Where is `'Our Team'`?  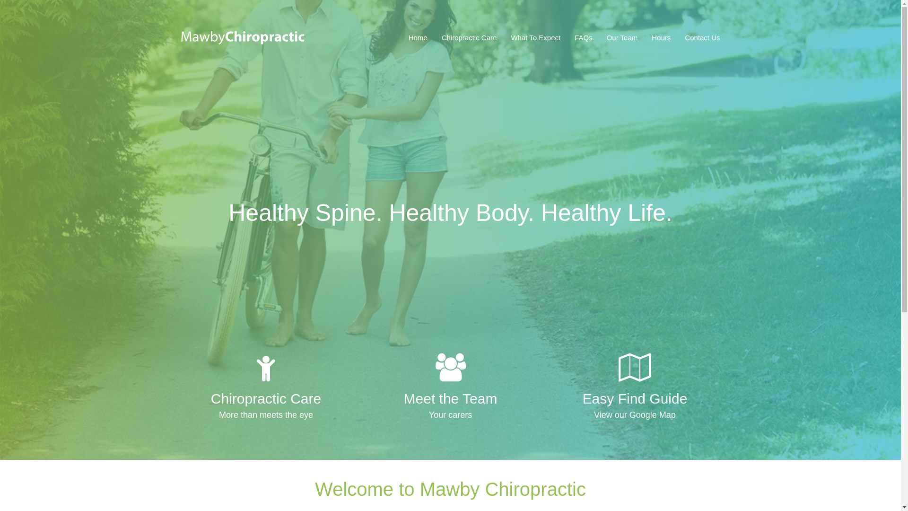
'Our Team' is located at coordinates (622, 37).